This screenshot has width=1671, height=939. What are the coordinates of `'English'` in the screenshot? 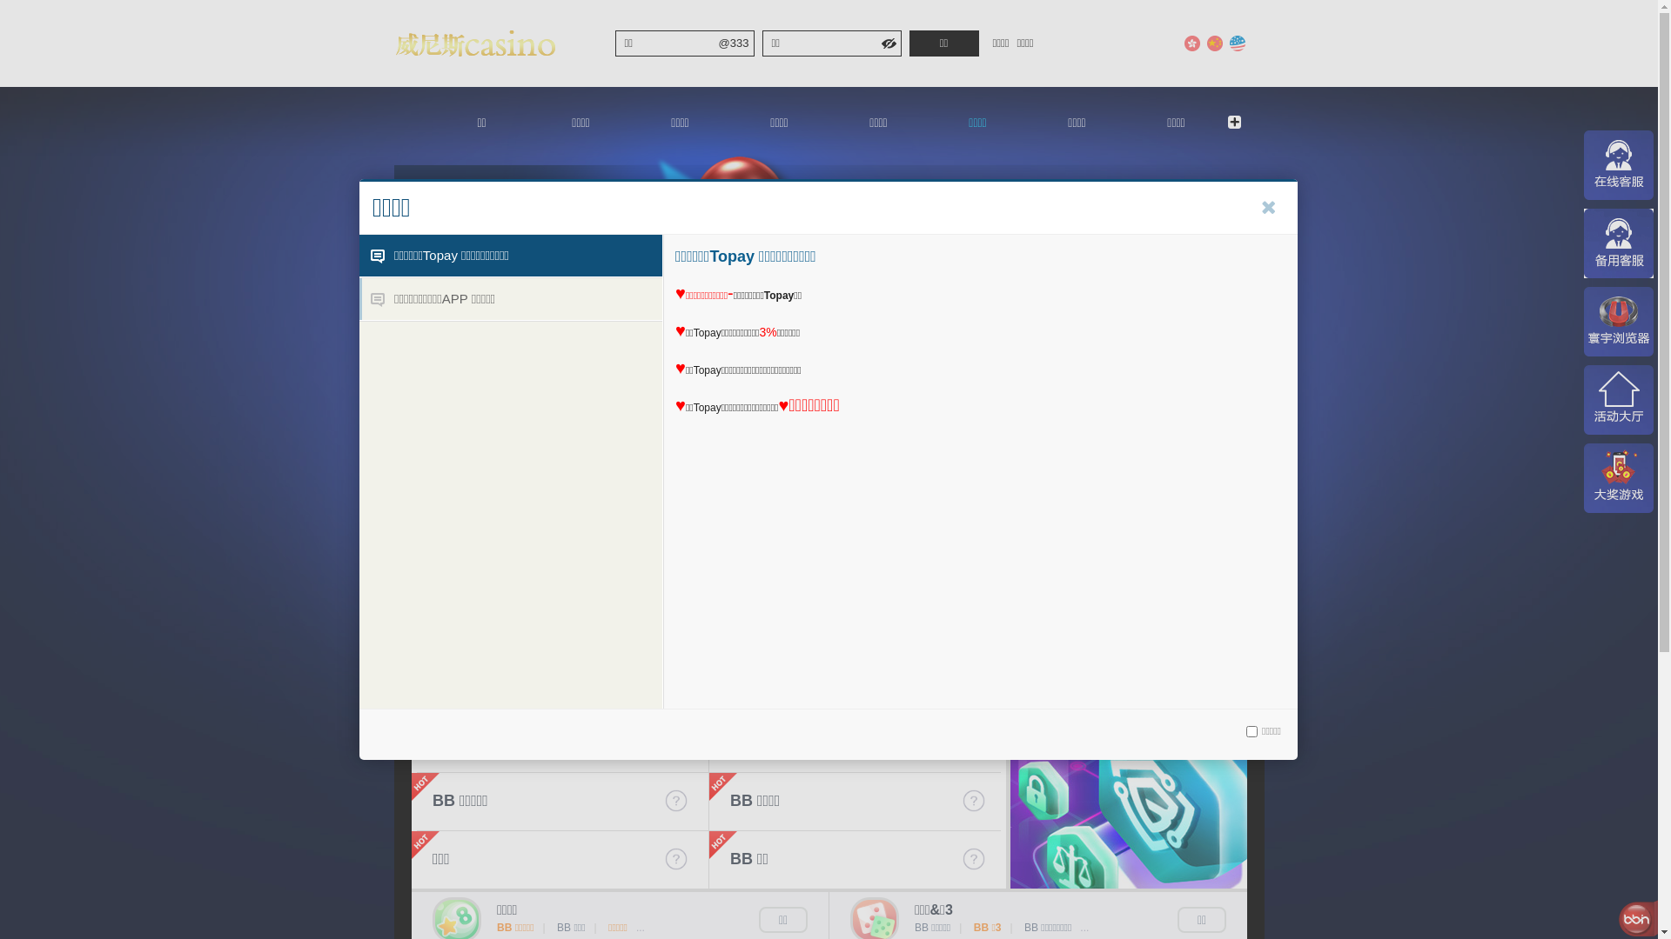 It's located at (1226, 43).